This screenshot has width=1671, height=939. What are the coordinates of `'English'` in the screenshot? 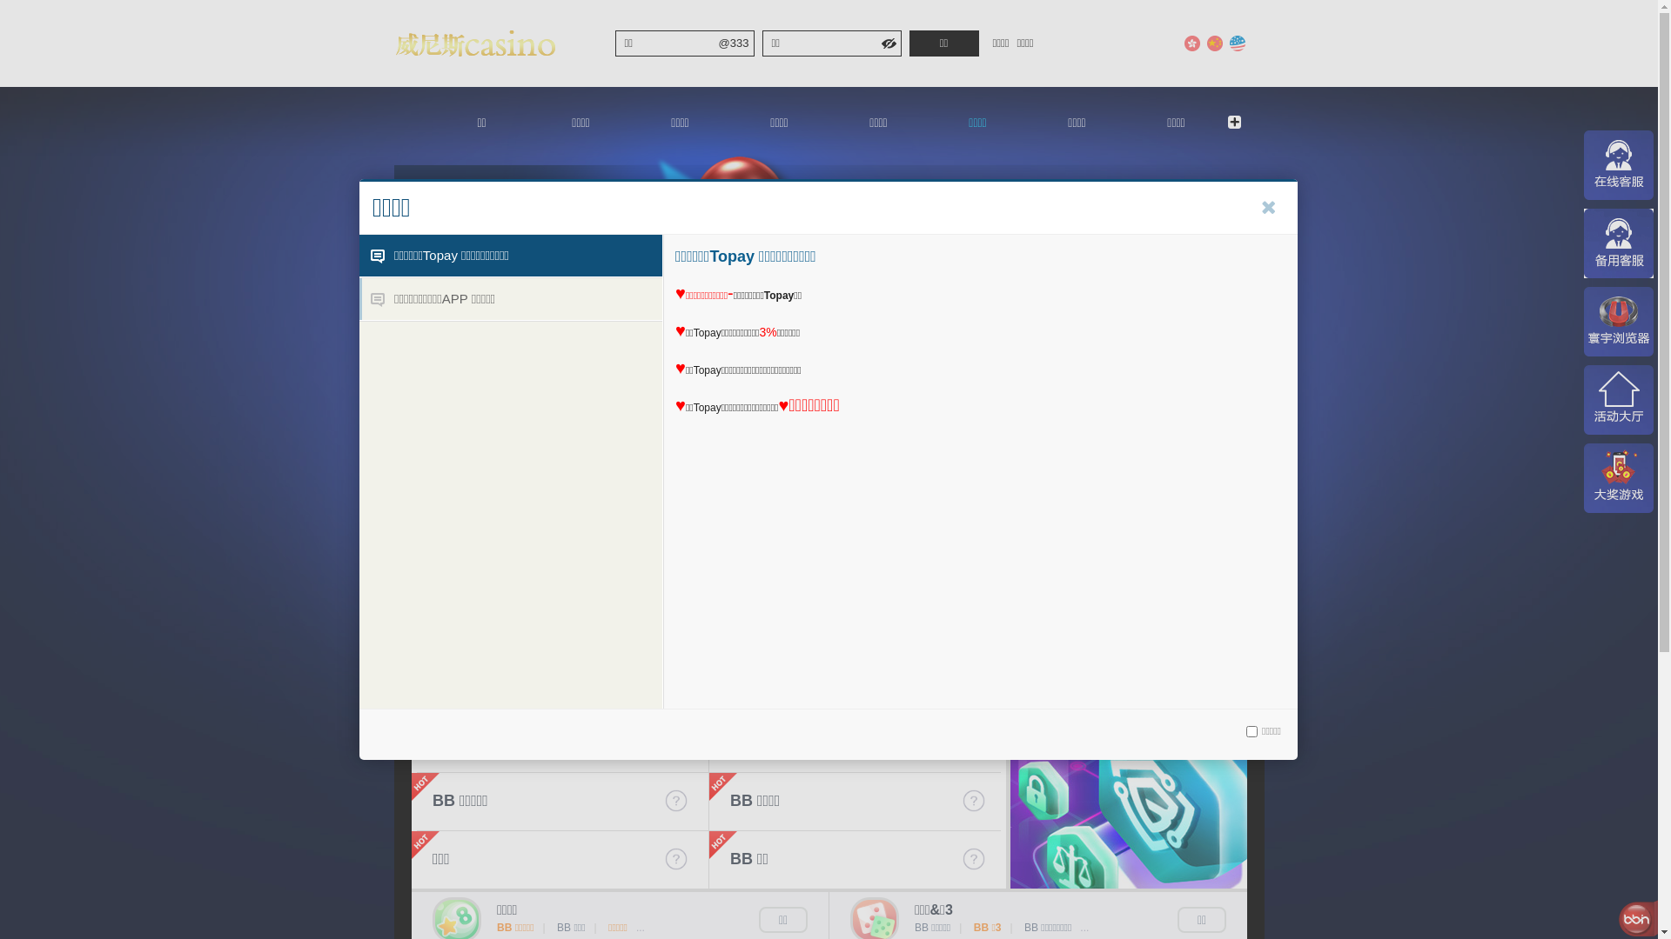 It's located at (1226, 43).